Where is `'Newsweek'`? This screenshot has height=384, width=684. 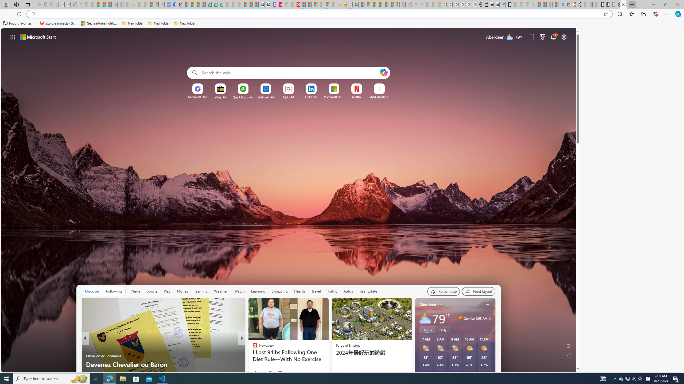 'Newsweek' is located at coordinates (252, 347).